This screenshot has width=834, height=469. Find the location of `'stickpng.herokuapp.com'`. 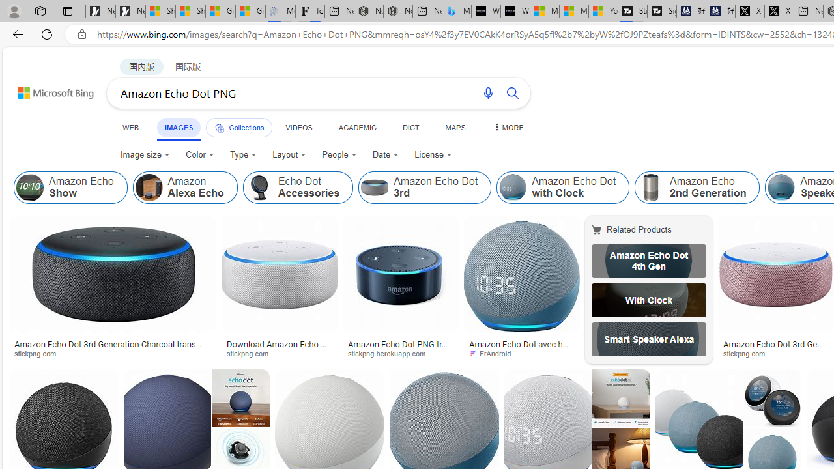

'stickpng.herokuapp.com' is located at coordinates (390, 353).